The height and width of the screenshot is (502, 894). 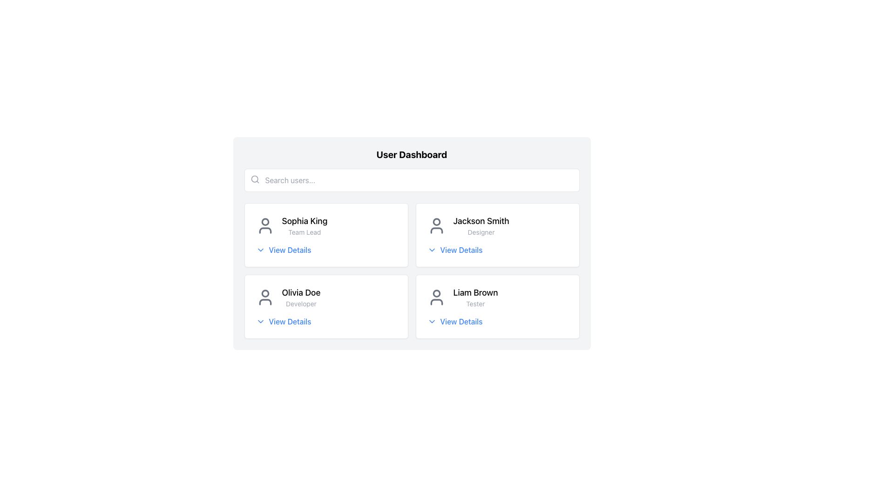 What do you see at coordinates (264, 302) in the screenshot?
I see `the torso outline segment of the user avatar icon located in the bottom left block of the dashboard interface, next to the name 'Olivia Doe' and their role 'Developer'` at bounding box center [264, 302].